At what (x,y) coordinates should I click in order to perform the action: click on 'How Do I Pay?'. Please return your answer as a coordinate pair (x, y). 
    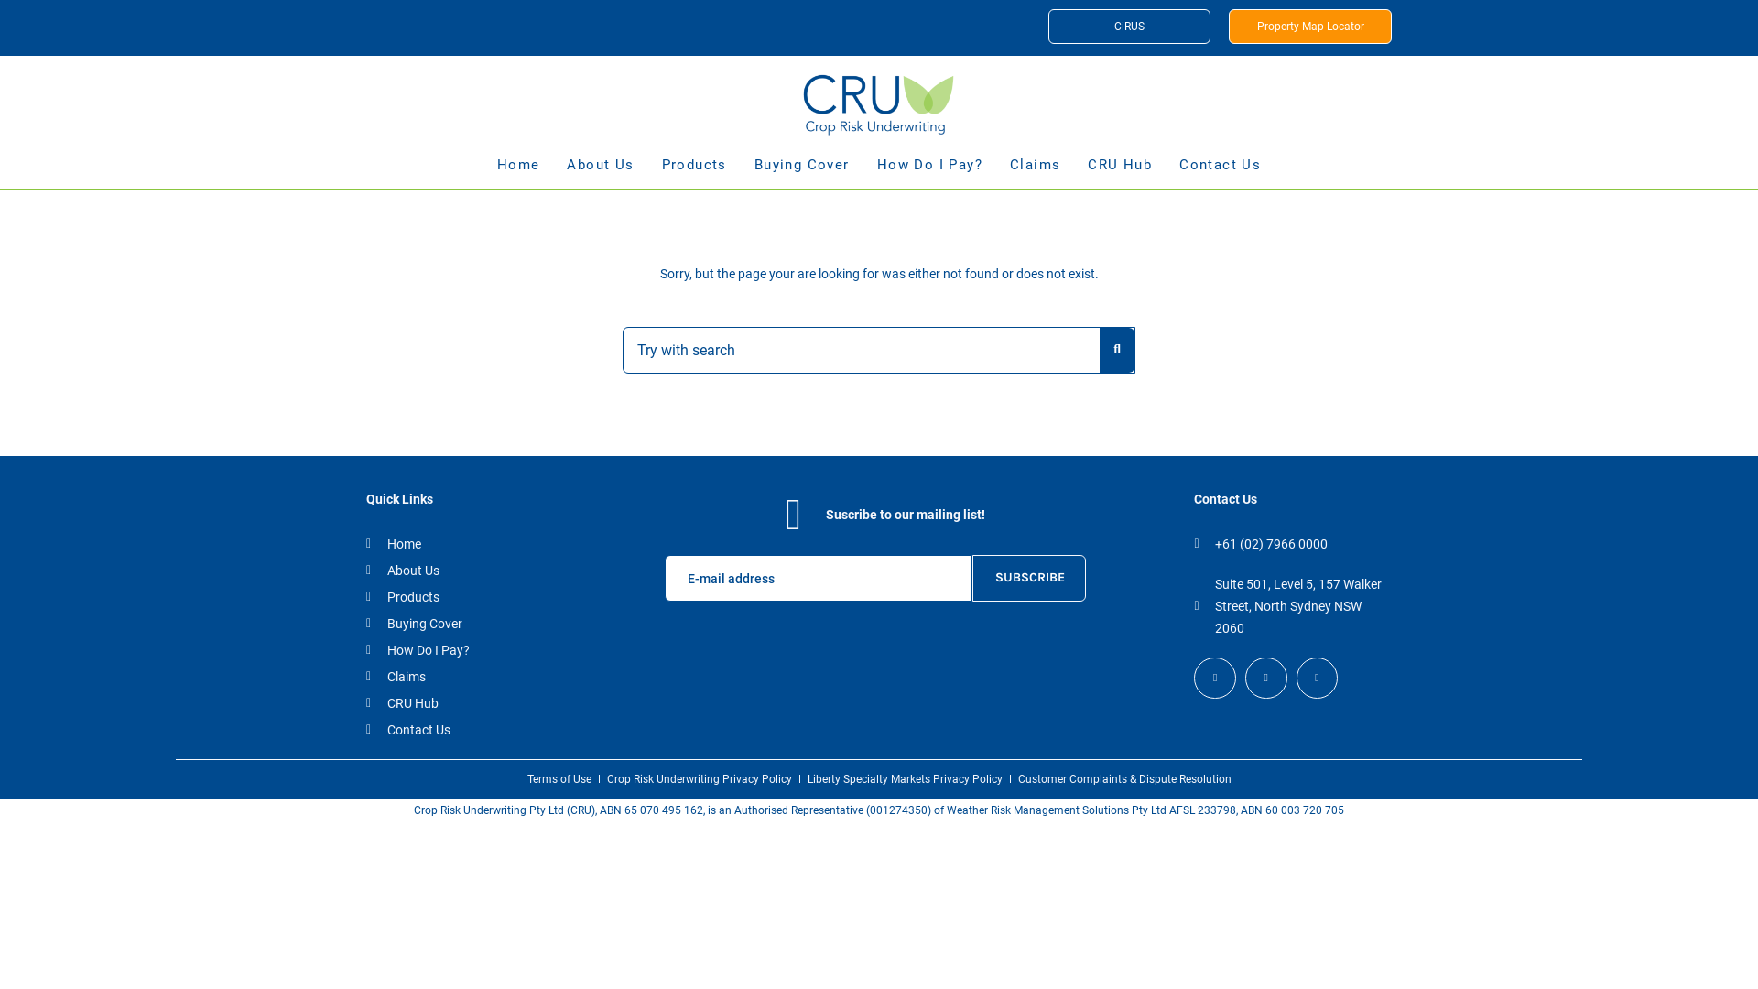
    Looking at the image, I should click on (461, 648).